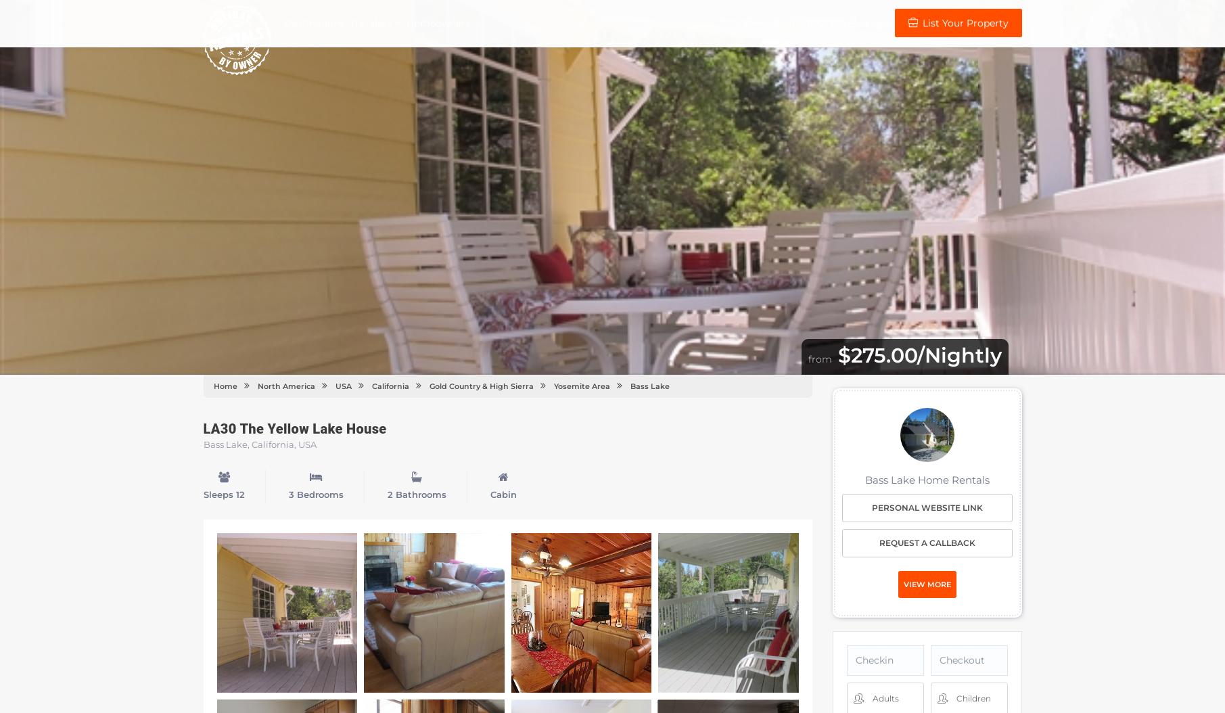 Image resolution: width=1225 pixels, height=713 pixels. Describe the element at coordinates (294, 428) in the screenshot. I see `'LA30 The Yellow Lake House'` at that location.